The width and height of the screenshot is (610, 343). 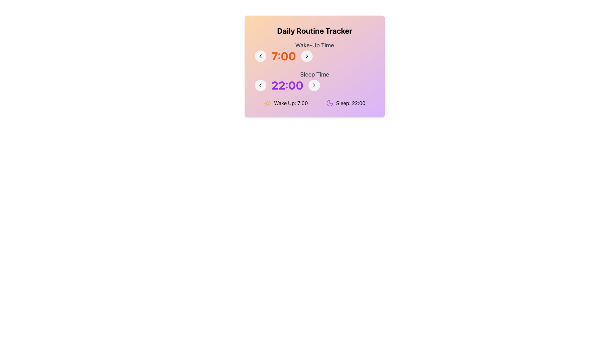 What do you see at coordinates (315, 45) in the screenshot?
I see `the text label that identifies the wake-up time setting, which is located above the time value '7:00' and surrounded by time control buttons` at bounding box center [315, 45].